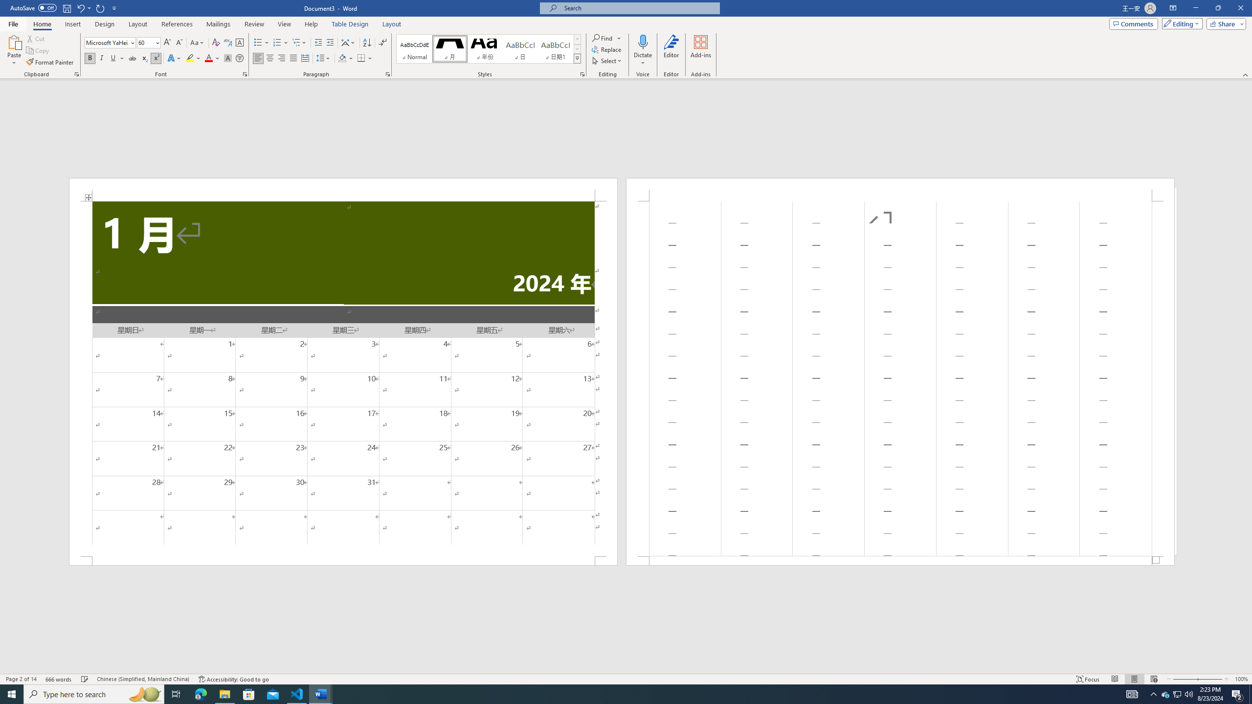 This screenshot has height=704, width=1252. What do you see at coordinates (342, 58) in the screenshot?
I see `'Shading RGB(0, 0, 0)'` at bounding box center [342, 58].